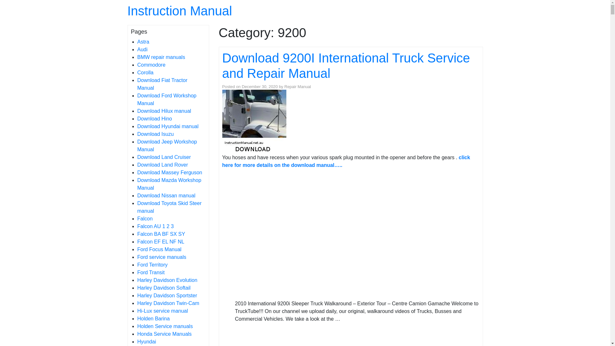 The height and width of the screenshot is (346, 615). I want to click on 'Hi-Lux service manual', so click(162, 310).